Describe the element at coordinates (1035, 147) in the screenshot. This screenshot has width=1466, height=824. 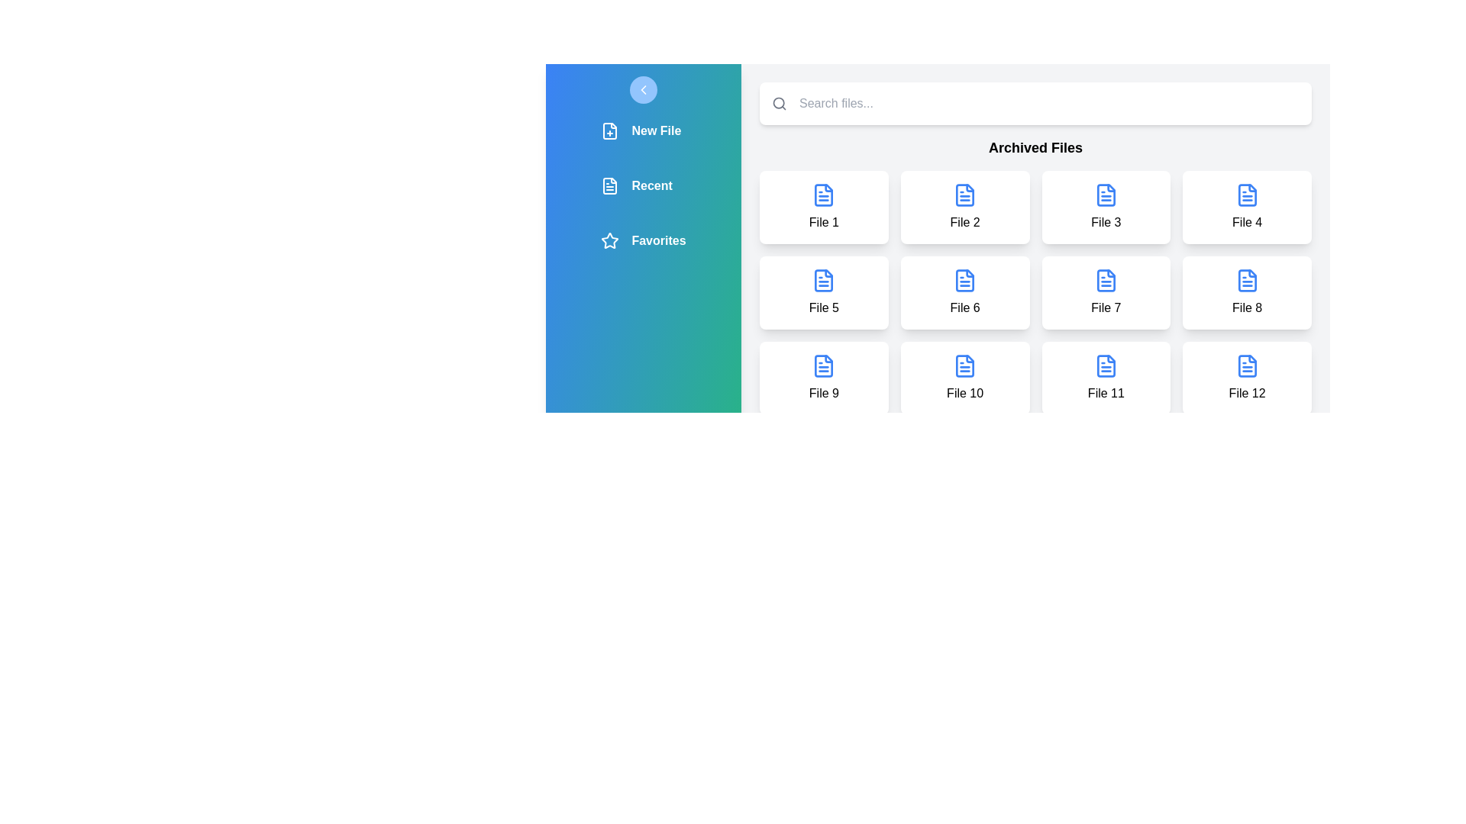
I see `the 'Archived Files' heading to select its text` at that location.